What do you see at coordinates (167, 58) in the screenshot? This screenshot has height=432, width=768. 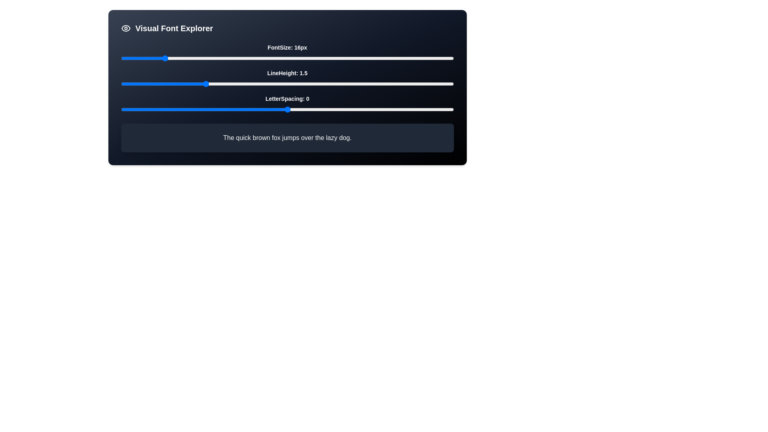 I see `the font size slider to 17 pixels` at bounding box center [167, 58].